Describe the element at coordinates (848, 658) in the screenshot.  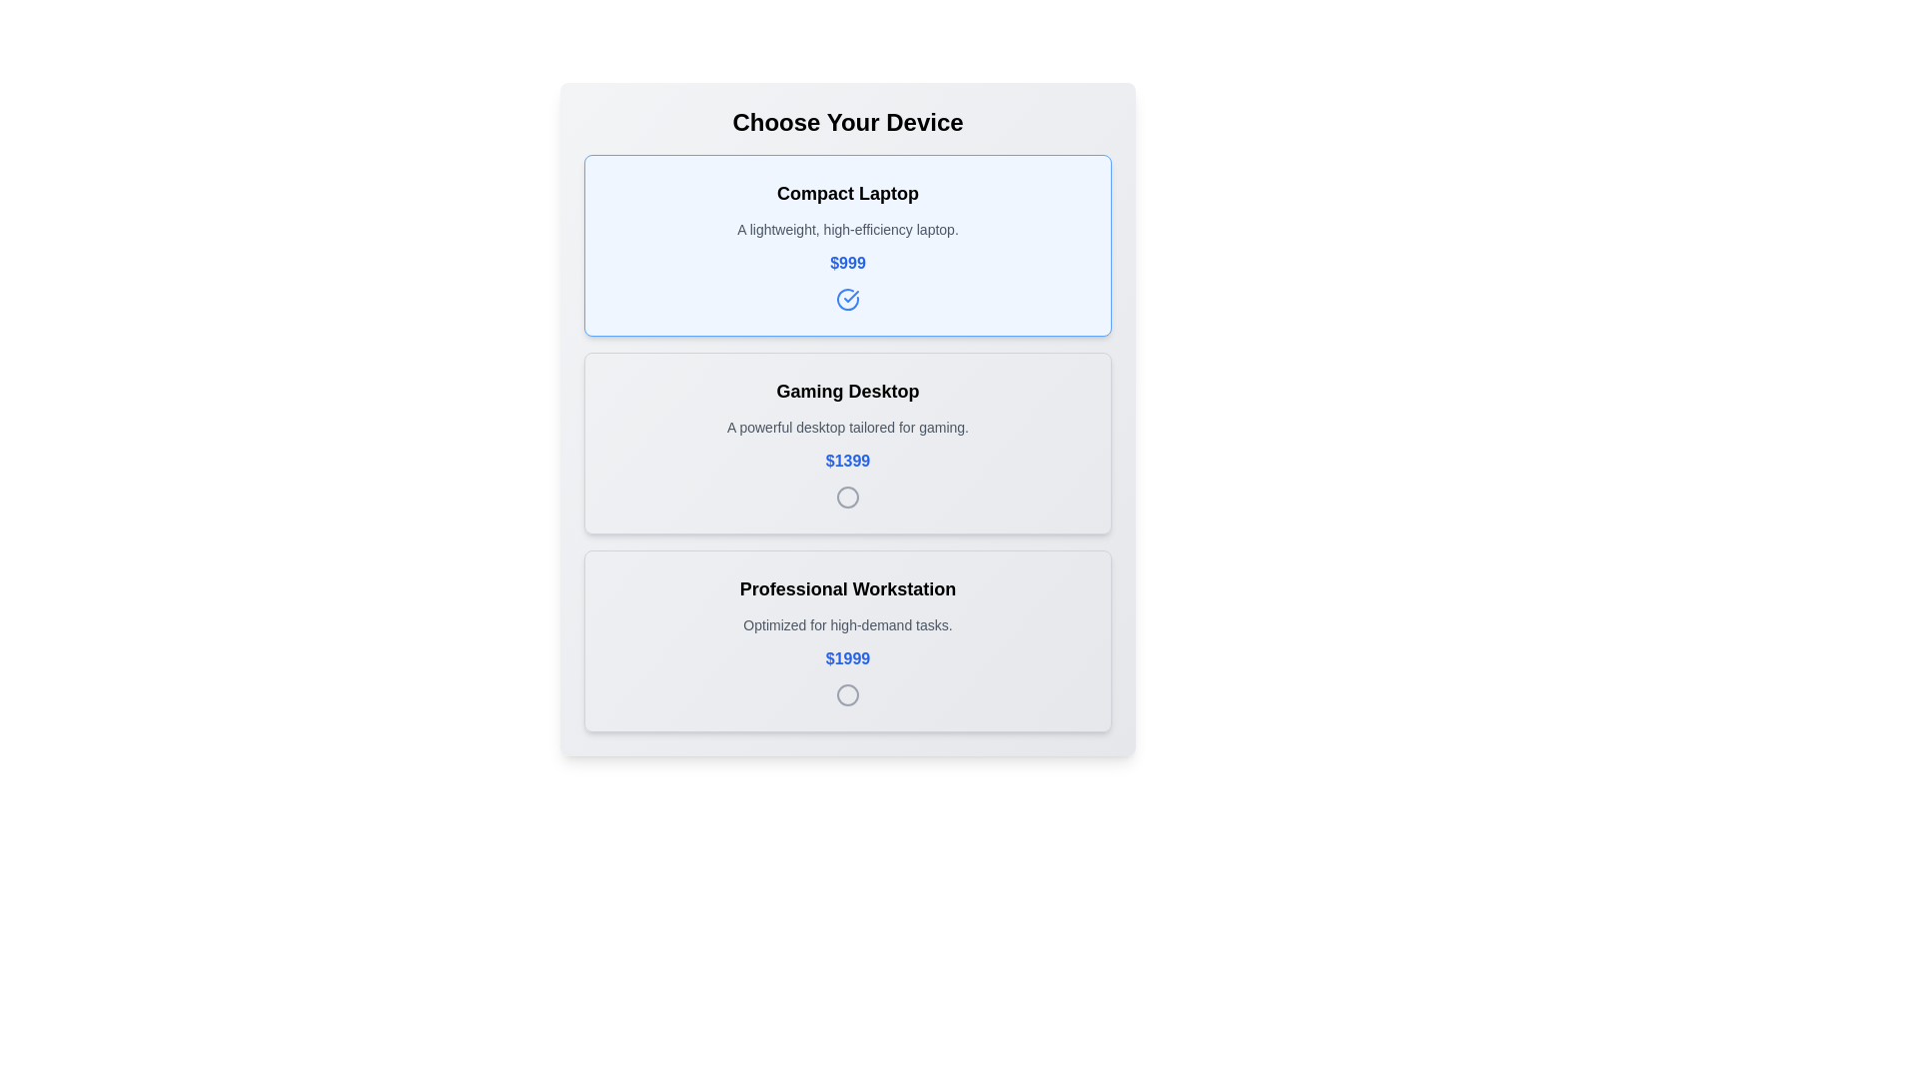
I see `the static text label element displaying the price '$1999' in bold blue font, located in the 'Professional Workstation' section above the interactive radio button icon` at that location.